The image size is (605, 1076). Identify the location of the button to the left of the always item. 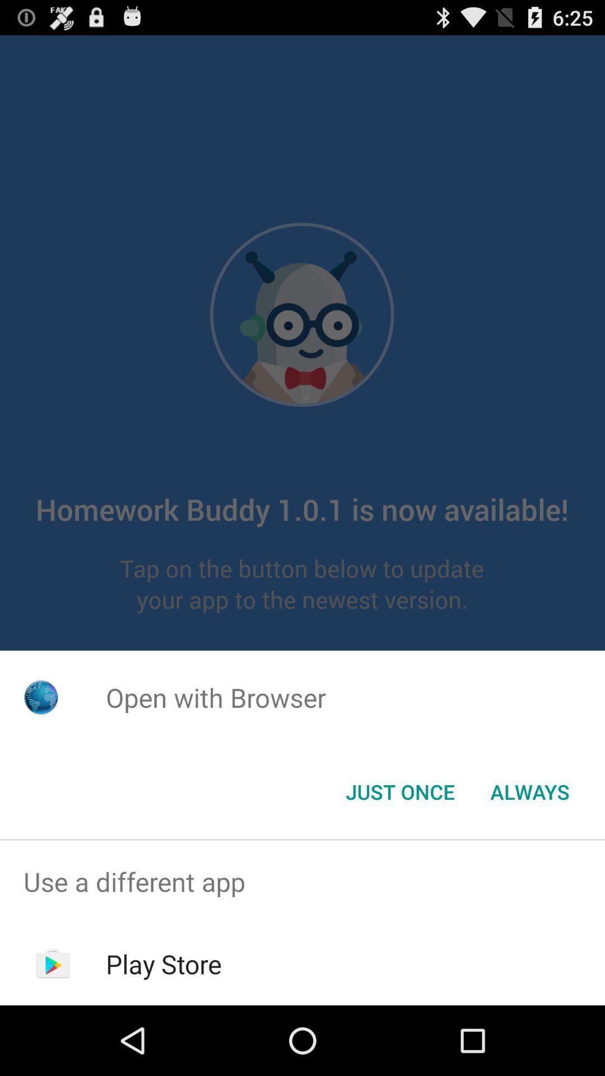
(399, 791).